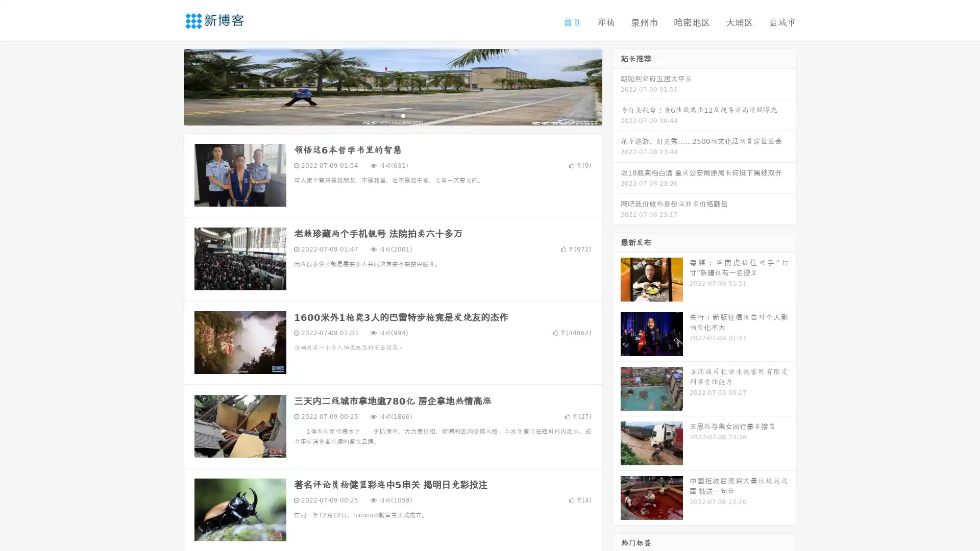 This screenshot has height=551, width=980. Describe the element at coordinates (617, 86) in the screenshot. I see `Next slide` at that location.